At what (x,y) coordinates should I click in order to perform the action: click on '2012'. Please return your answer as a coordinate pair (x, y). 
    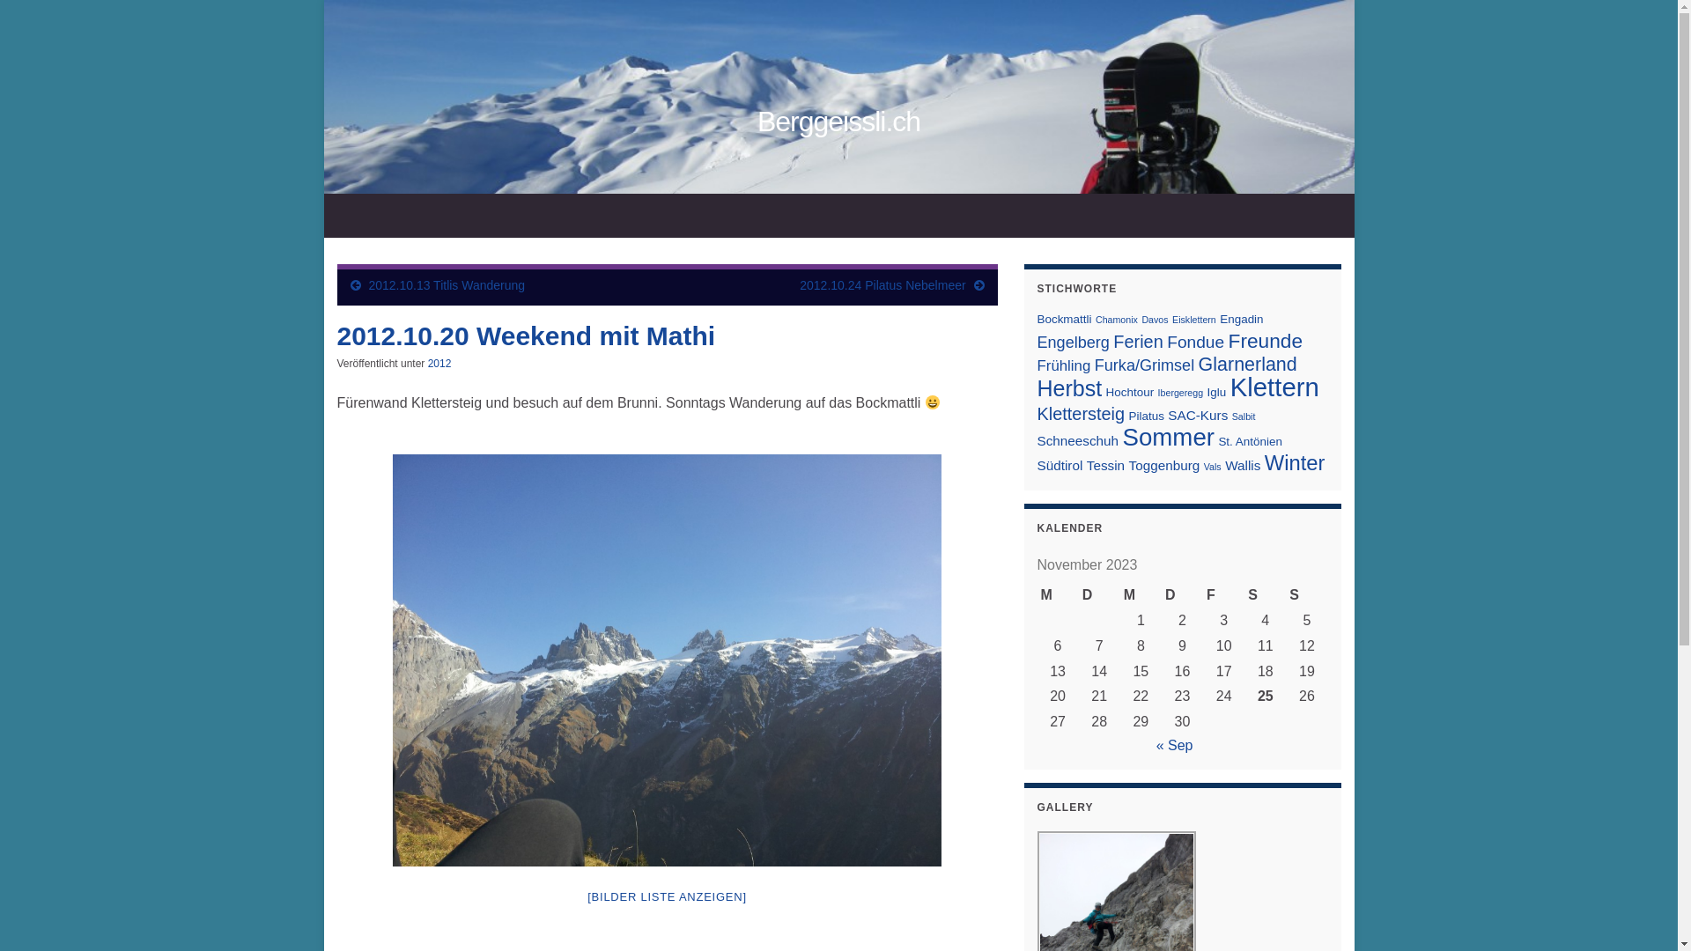
    Looking at the image, I should click on (427, 362).